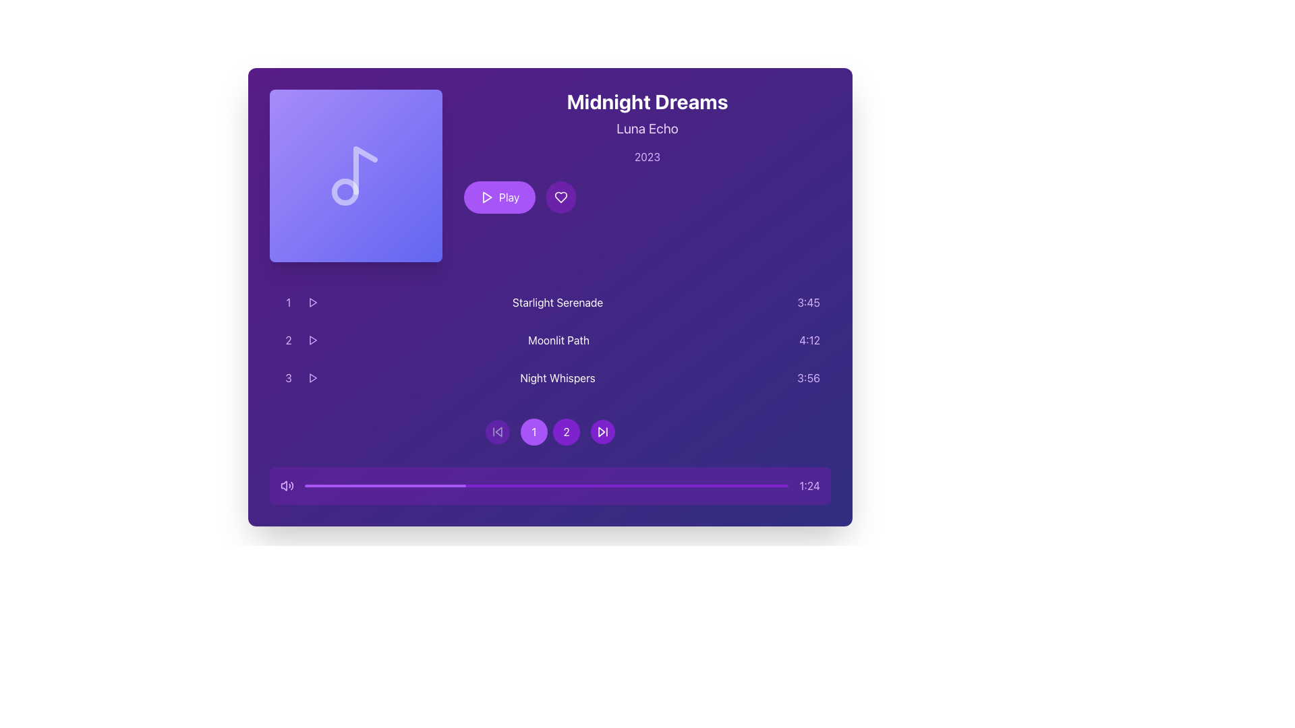 Image resolution: width=1295 pixels, height=728 pixels. What do you see at coordinates (304, 486) in the screenshot?
I see `playback position` at bounding box center [304, 486].